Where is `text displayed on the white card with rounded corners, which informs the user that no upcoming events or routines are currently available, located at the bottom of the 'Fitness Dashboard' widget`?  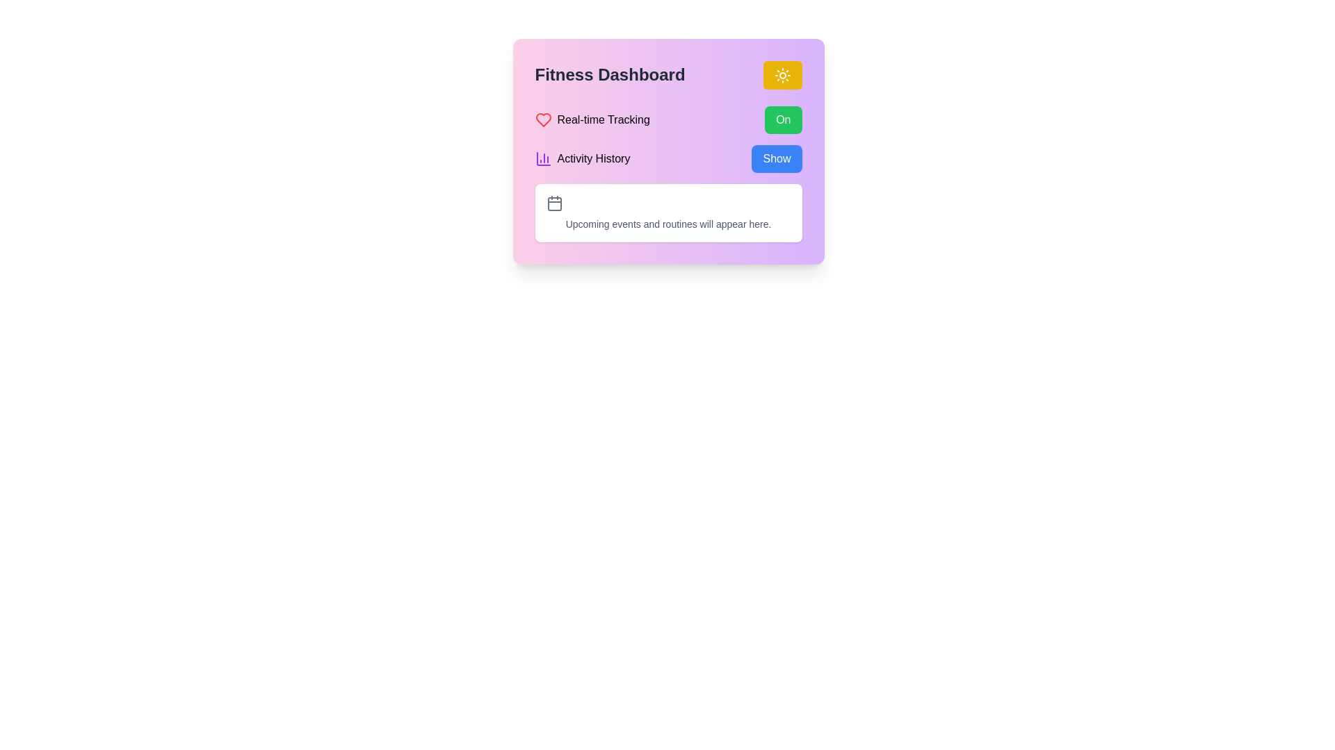
text displayed on the white card with rounded corners, which informs the user that no upcoming events or routines are currently available, located at the bottom of the 'Fitness Dashboard' widget is located at coordinates (668, 223).